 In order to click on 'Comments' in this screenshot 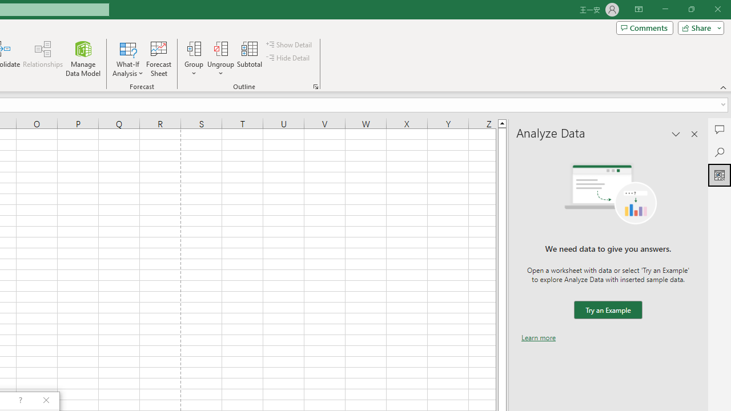, I will do `click(644, 27)`.